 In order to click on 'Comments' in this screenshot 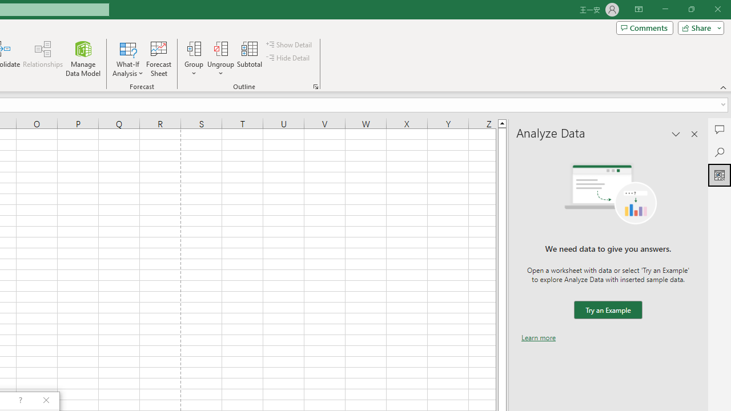, I will do `click(644, 27)`.